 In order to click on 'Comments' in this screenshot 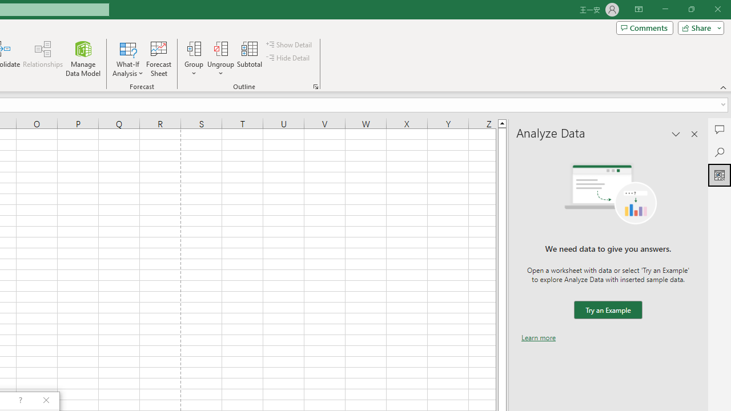, I will do `click(644, 27)`.